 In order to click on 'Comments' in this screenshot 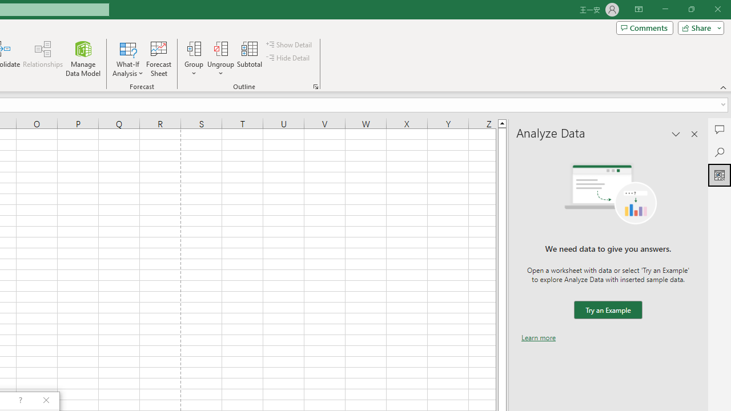, I will do `click(644, 27)`.